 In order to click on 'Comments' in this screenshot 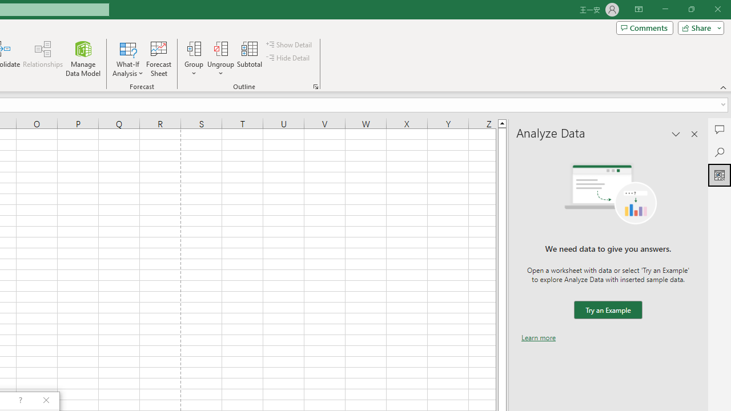, I will do `click(644, 27)`.